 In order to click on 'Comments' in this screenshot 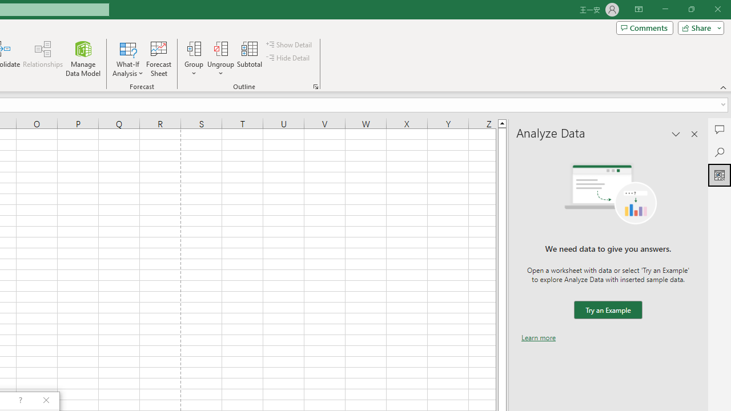, I will do `click(644, 27)`.